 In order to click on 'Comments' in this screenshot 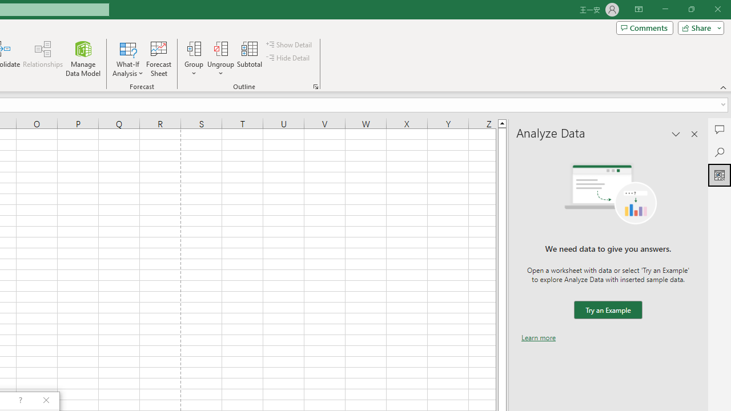, I will do `click(644, 27)`.